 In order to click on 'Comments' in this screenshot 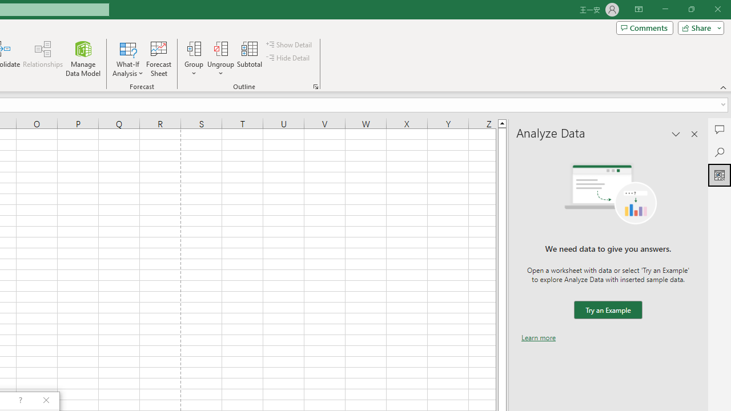, I will do `click(644, 27)`.